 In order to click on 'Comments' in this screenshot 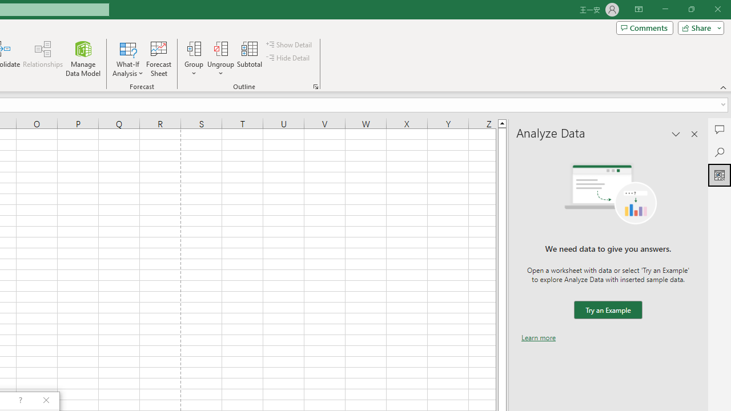, I will do `click(644, 27)`.